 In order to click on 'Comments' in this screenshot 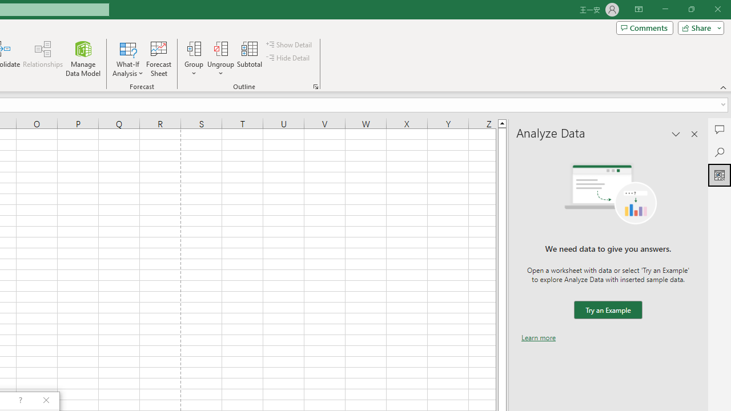, I will do `click(644, 27)`.